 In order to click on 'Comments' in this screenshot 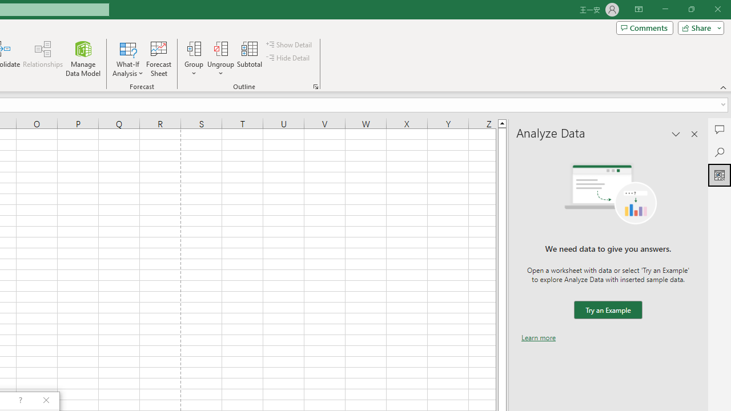, I will do `click(644, 27)`.